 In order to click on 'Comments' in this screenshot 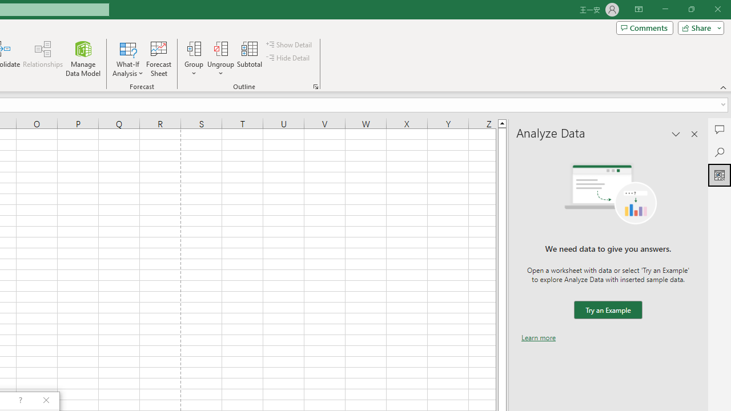, I will do `click(644, 27)`.